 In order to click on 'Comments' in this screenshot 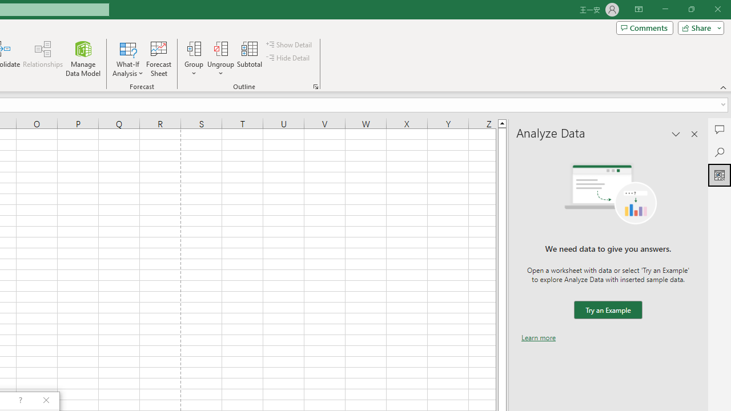, I will do `click(644, 27)`.